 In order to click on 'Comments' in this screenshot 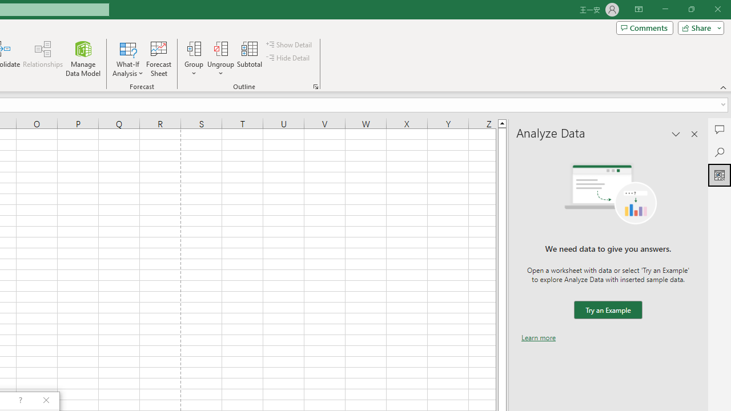, I will do `click(644, 27)`.